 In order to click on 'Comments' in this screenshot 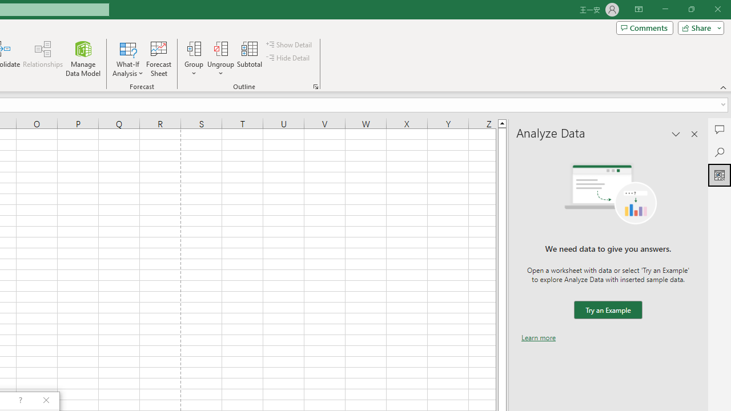, I will do `click(644, 27)`.